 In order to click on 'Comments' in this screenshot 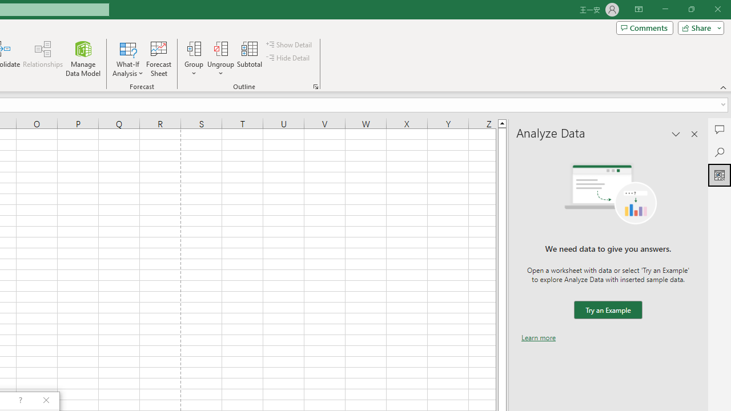, I will do `click(644, 27)`.